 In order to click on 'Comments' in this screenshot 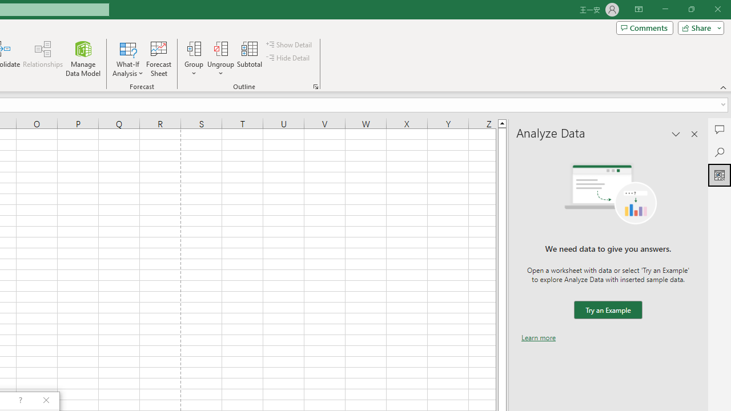, I will do `click(644, 27)`.